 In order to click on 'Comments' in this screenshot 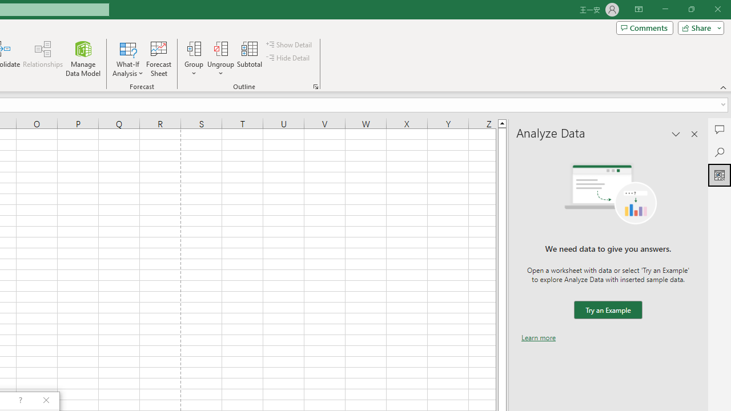, I will do `click(644, 27)`.